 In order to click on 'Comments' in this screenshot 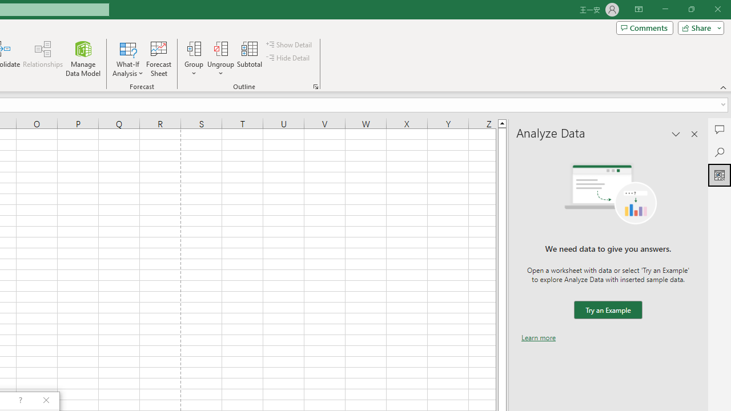, I will do `click(644, 27)`.